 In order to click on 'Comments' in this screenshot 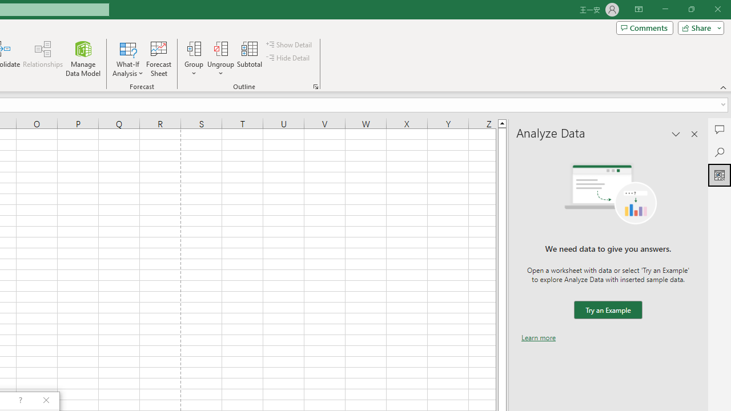, I will do `click(644, 27)`.